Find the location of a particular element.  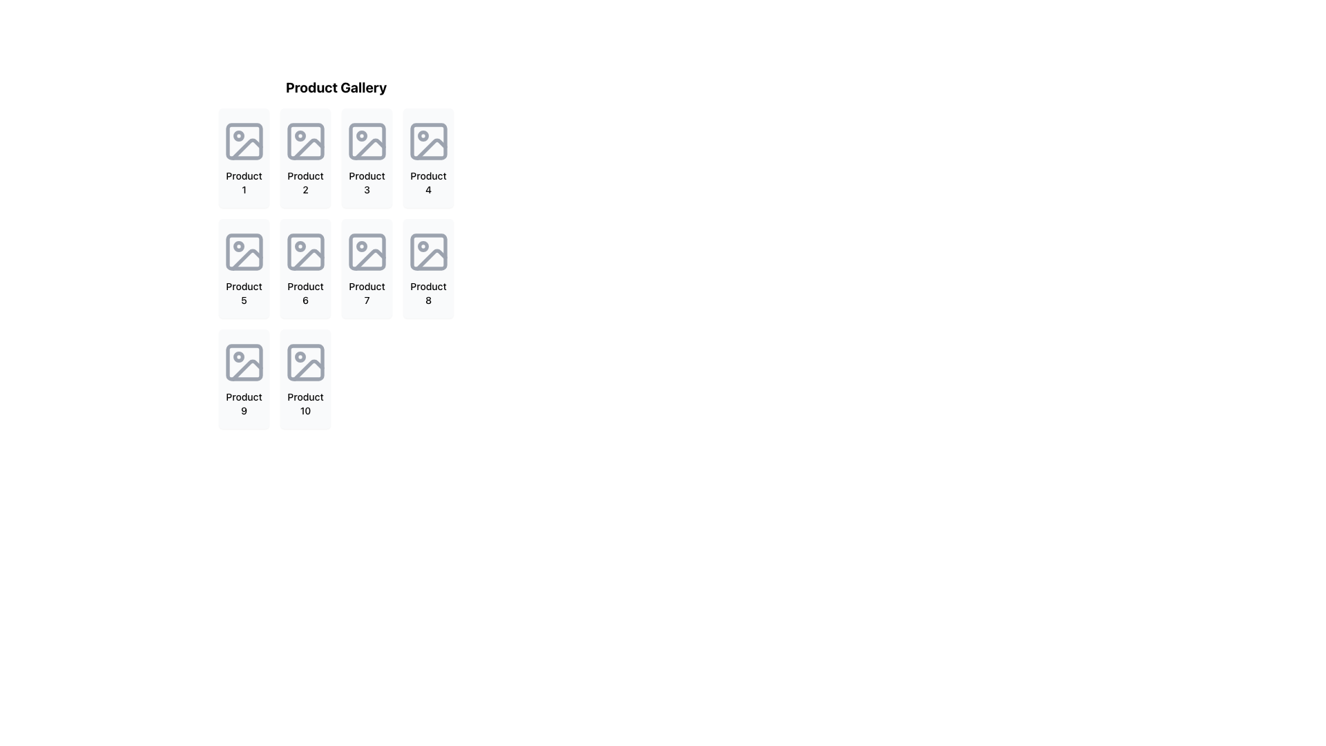

the icon element representing the image placeholder for 'Product 4', located in the second row and second column of the grid layout is located at coordinates (427, 141).